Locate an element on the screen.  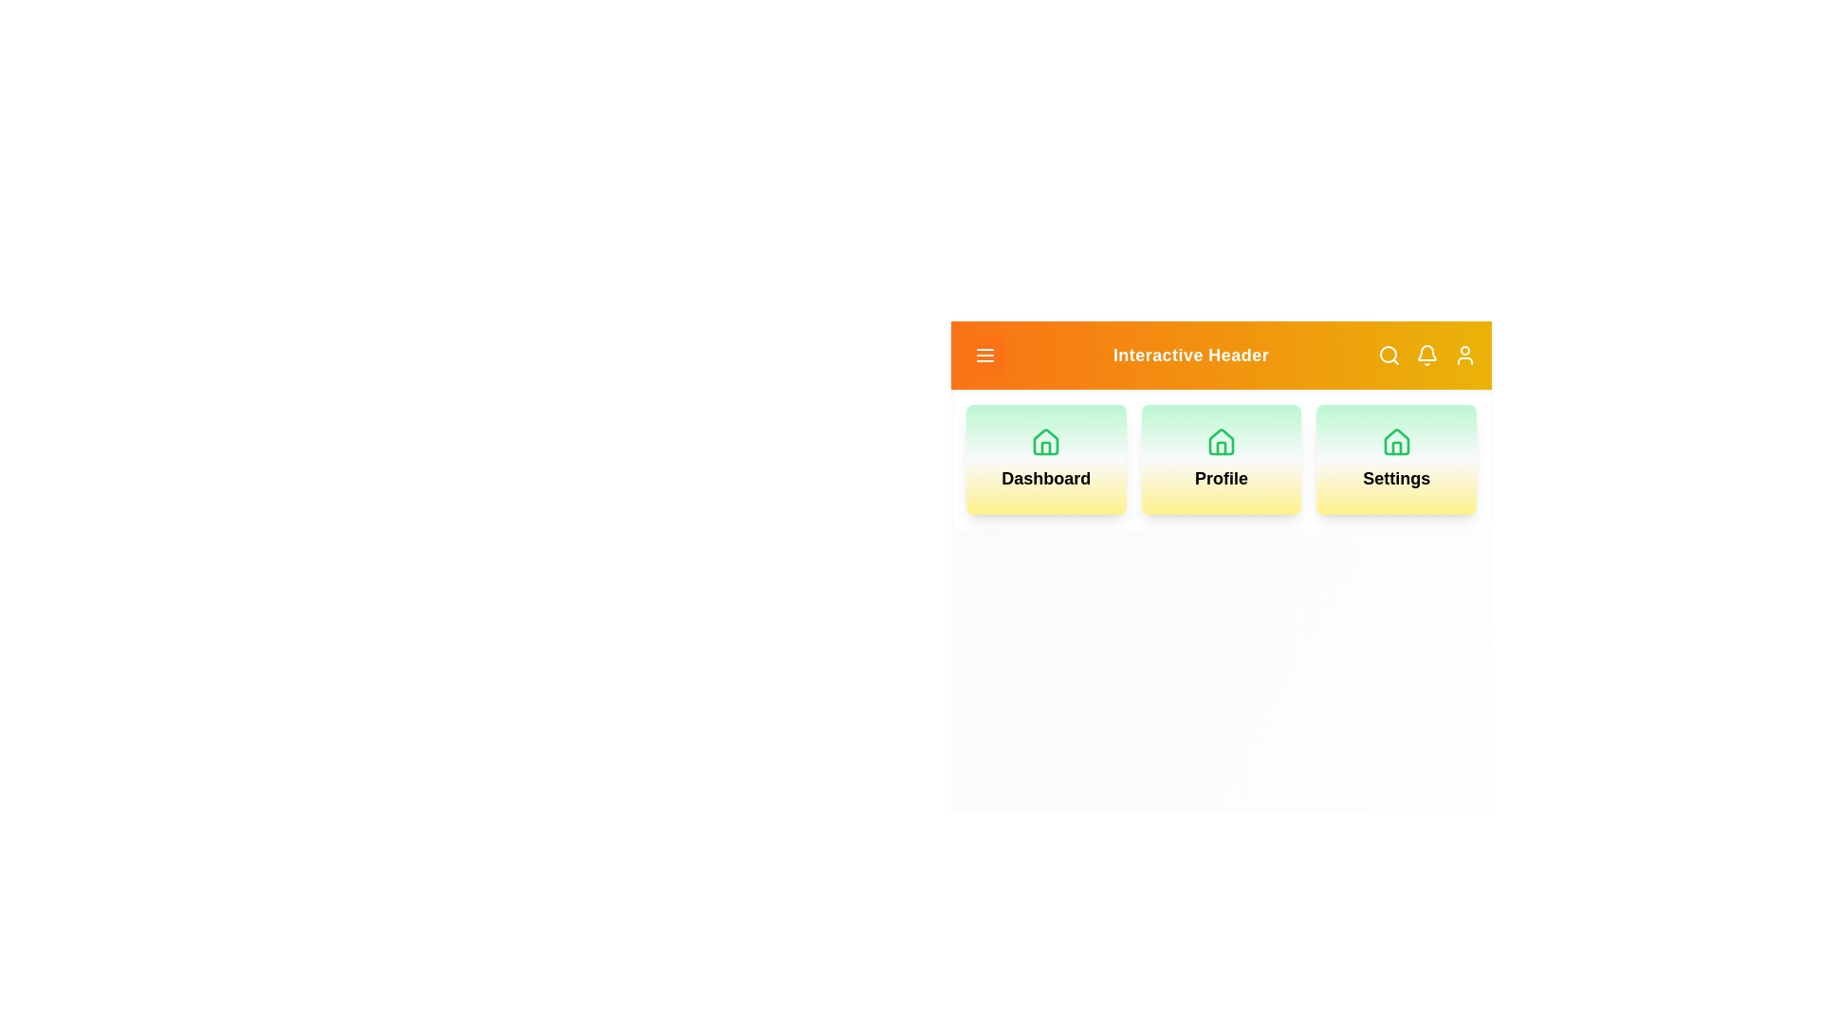
the search icon to observe its hover effect is located at coordinates (1389, 355).